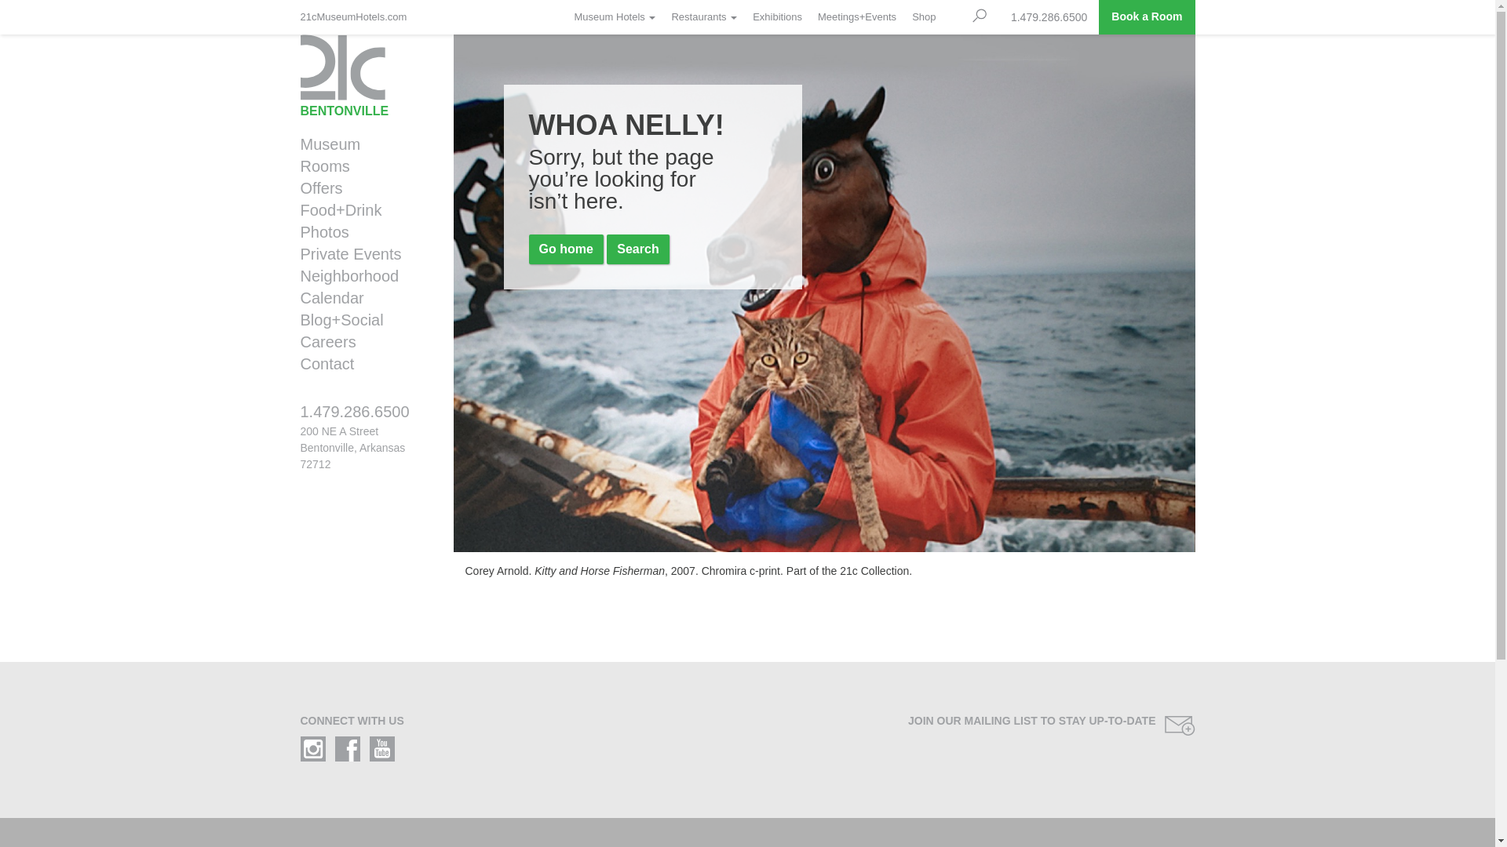 The height and width of the screenshot is (847, 1507). Describe the element at coordinates (359, 274) in the screenshot. I see `'Neighborhood'` at that location.